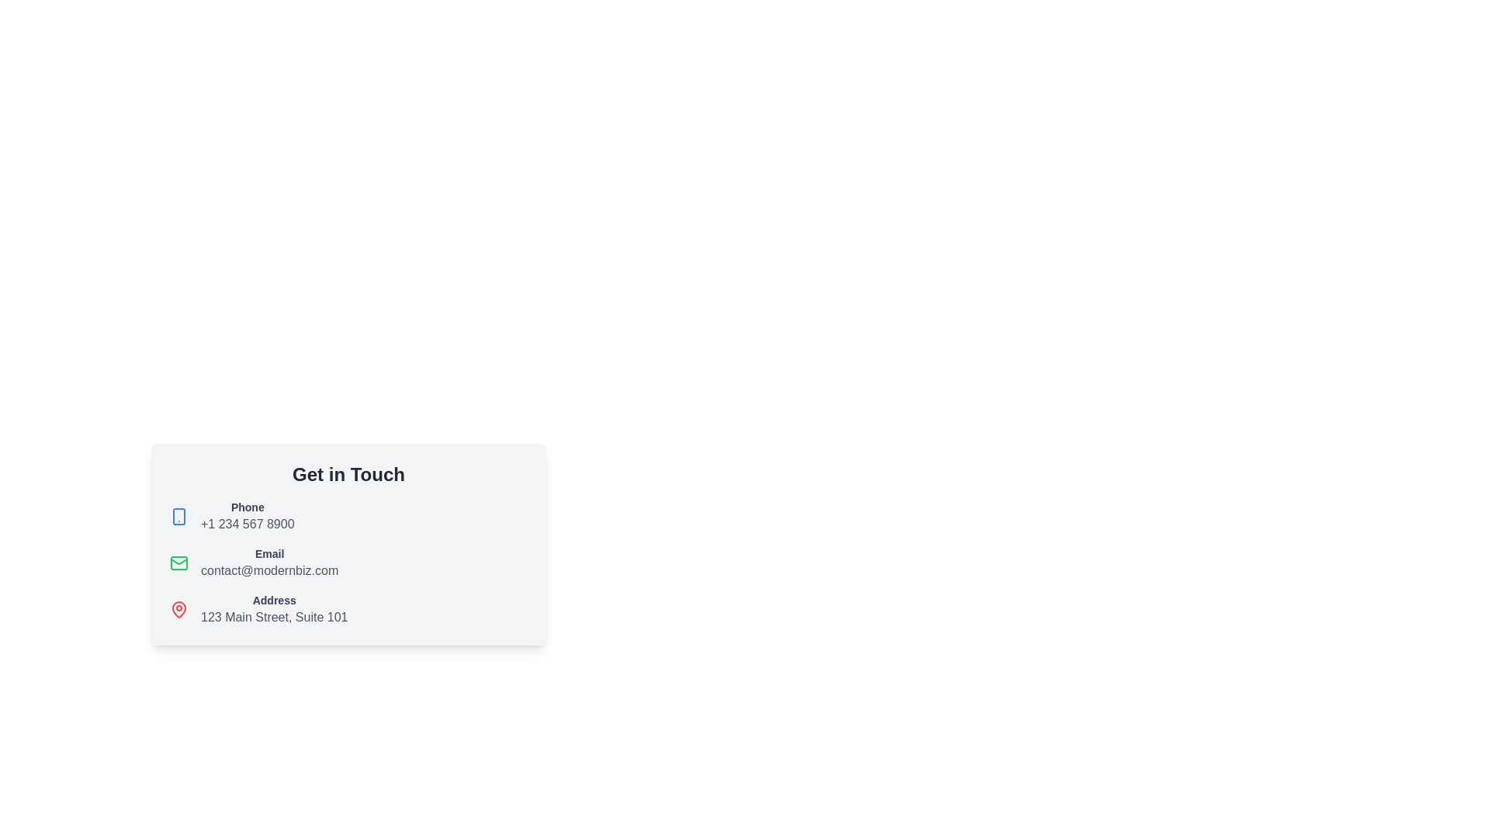 This screenshot has height=838, width=1490. Describe the element at coordinates (178, 517) in the screenshot. I see `the decorative phone icon located to the left of the 'Phone' text in the 'Get in Touch' section` at that location.